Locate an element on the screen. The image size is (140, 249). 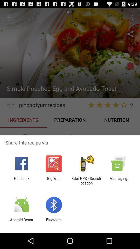
the item to the right of facebook app is located at coordinates (53, 181).